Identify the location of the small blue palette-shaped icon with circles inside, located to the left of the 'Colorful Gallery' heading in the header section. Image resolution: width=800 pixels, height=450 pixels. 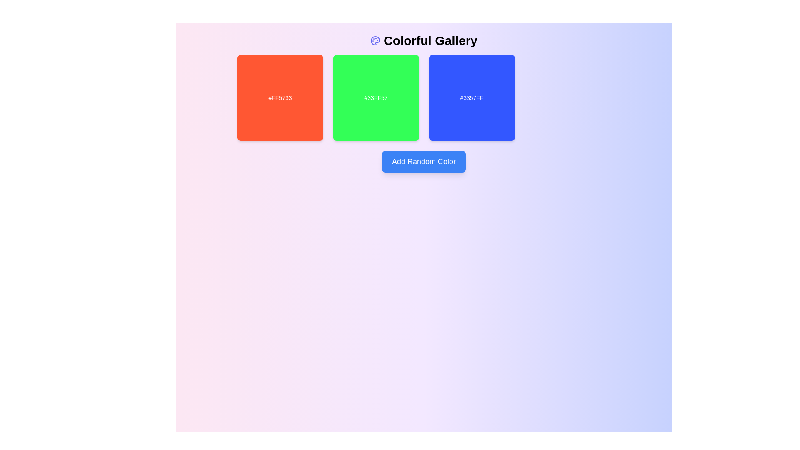
(375, 40).